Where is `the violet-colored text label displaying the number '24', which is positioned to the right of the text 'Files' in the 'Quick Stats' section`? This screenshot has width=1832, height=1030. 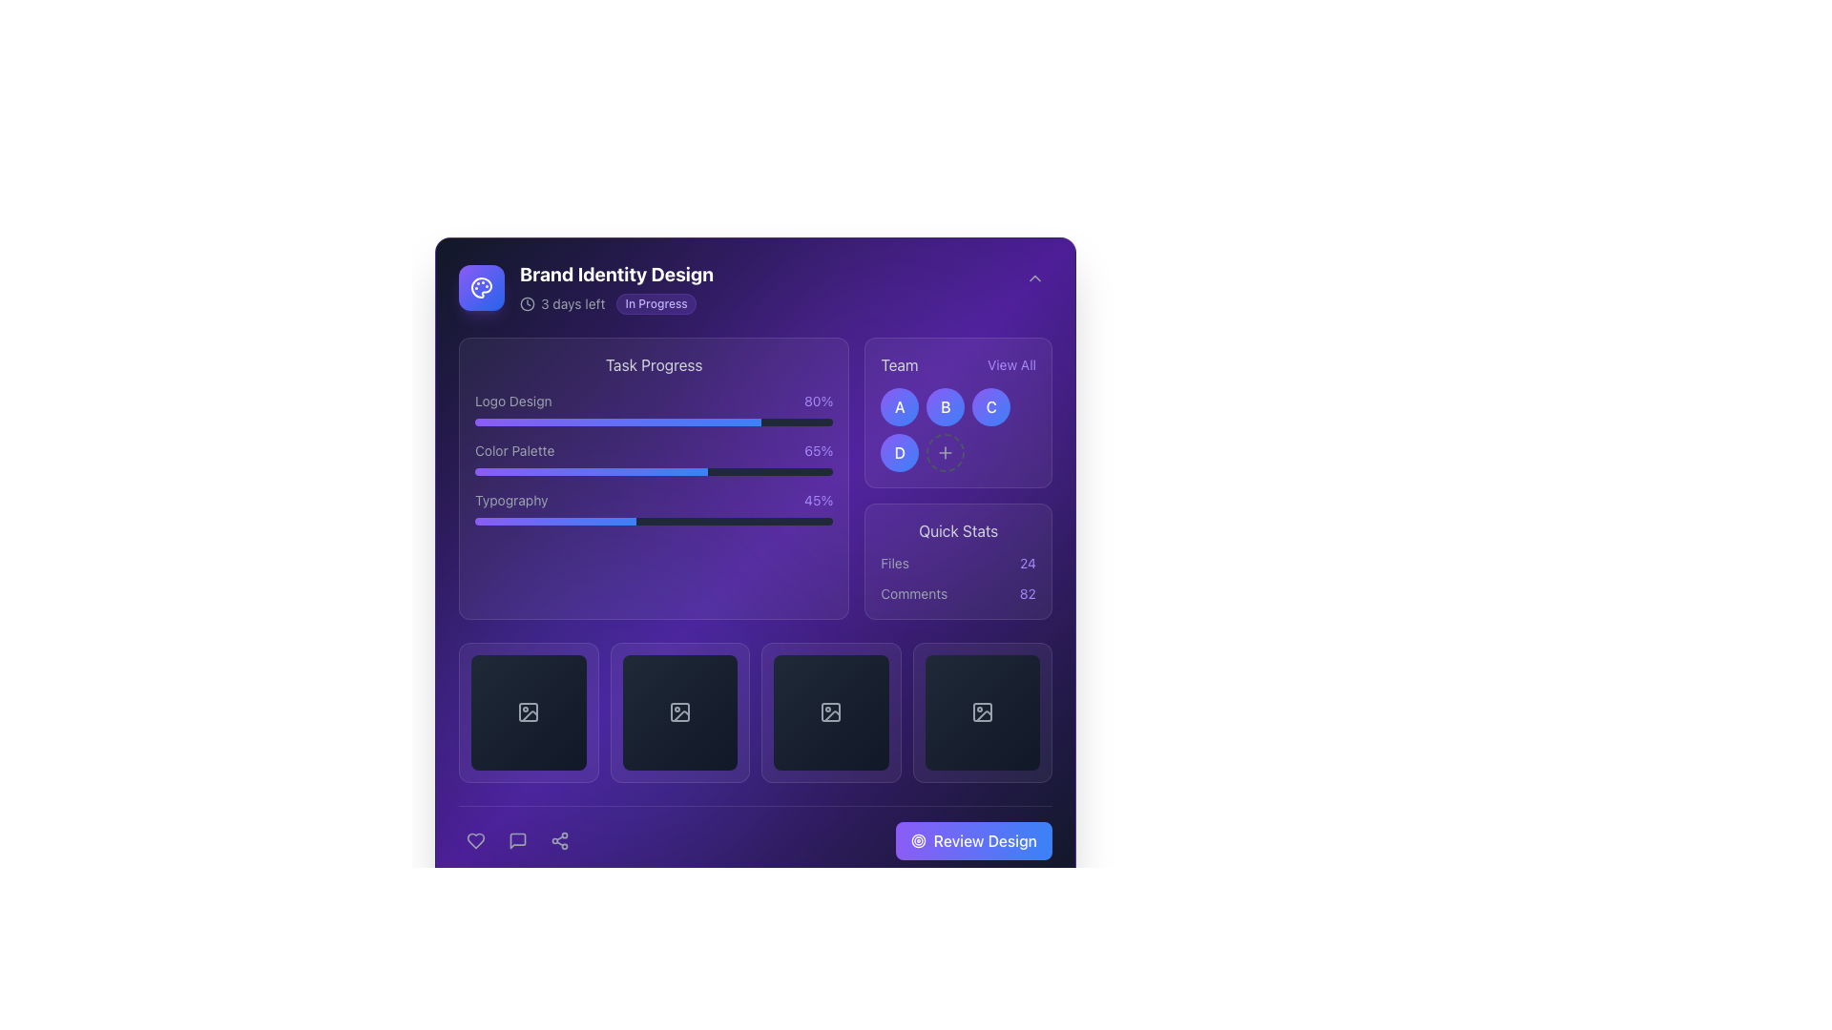 the violet-colored text label displaying the number '24', which is positioned to the right of the text 'Files' in the 'Quick Stats' section is located at coordinates (1027, 562).